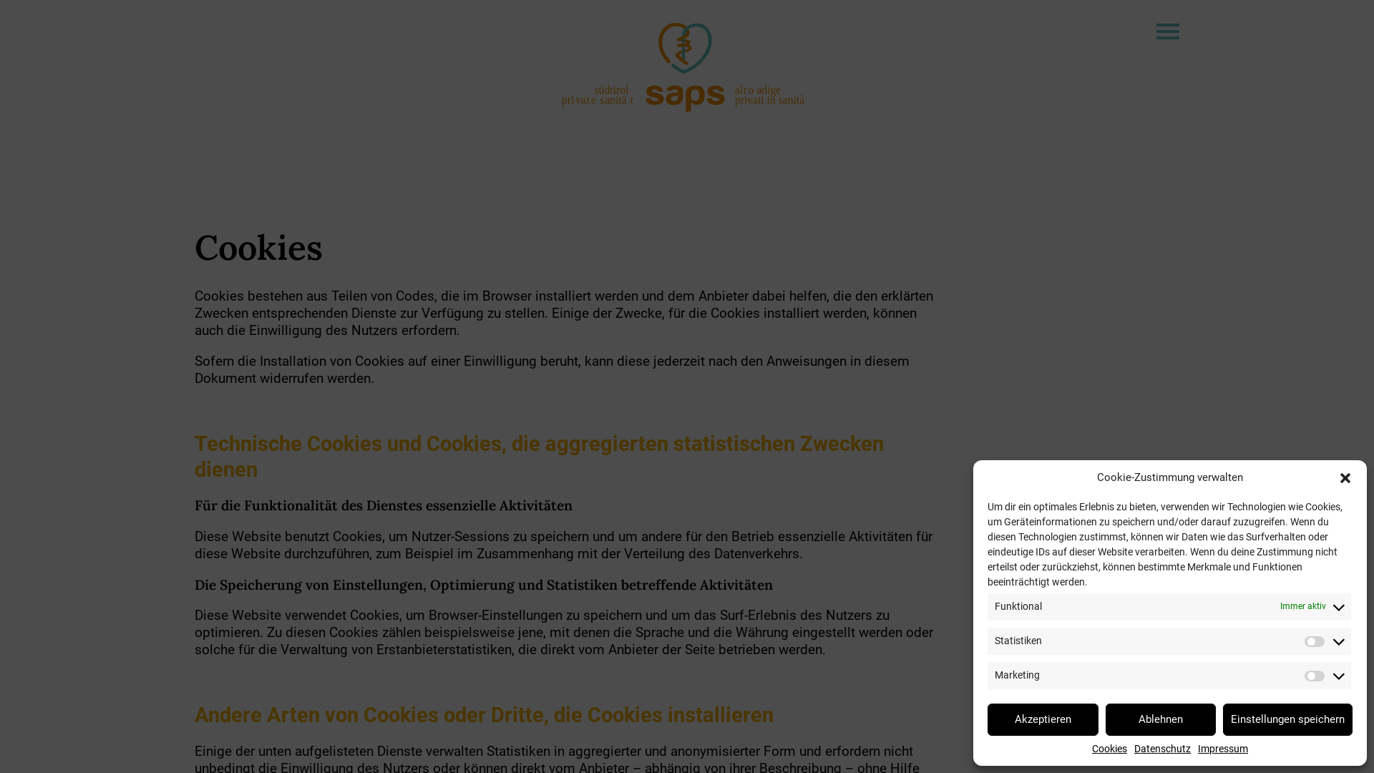  What do you see at coordinates (1222, 748) in the screenshot?
I see `'Impressum'` at bounding box center [1222, 748].